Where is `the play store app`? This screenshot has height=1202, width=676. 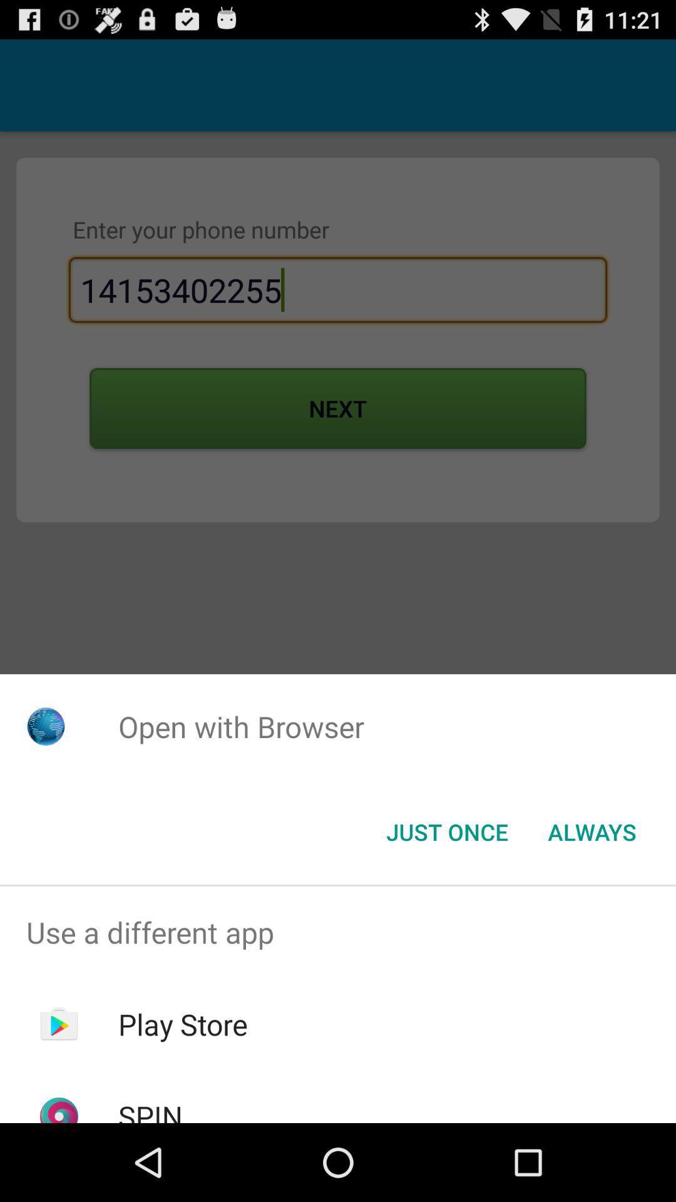
the play store app is located at coordinates (183, 1024).